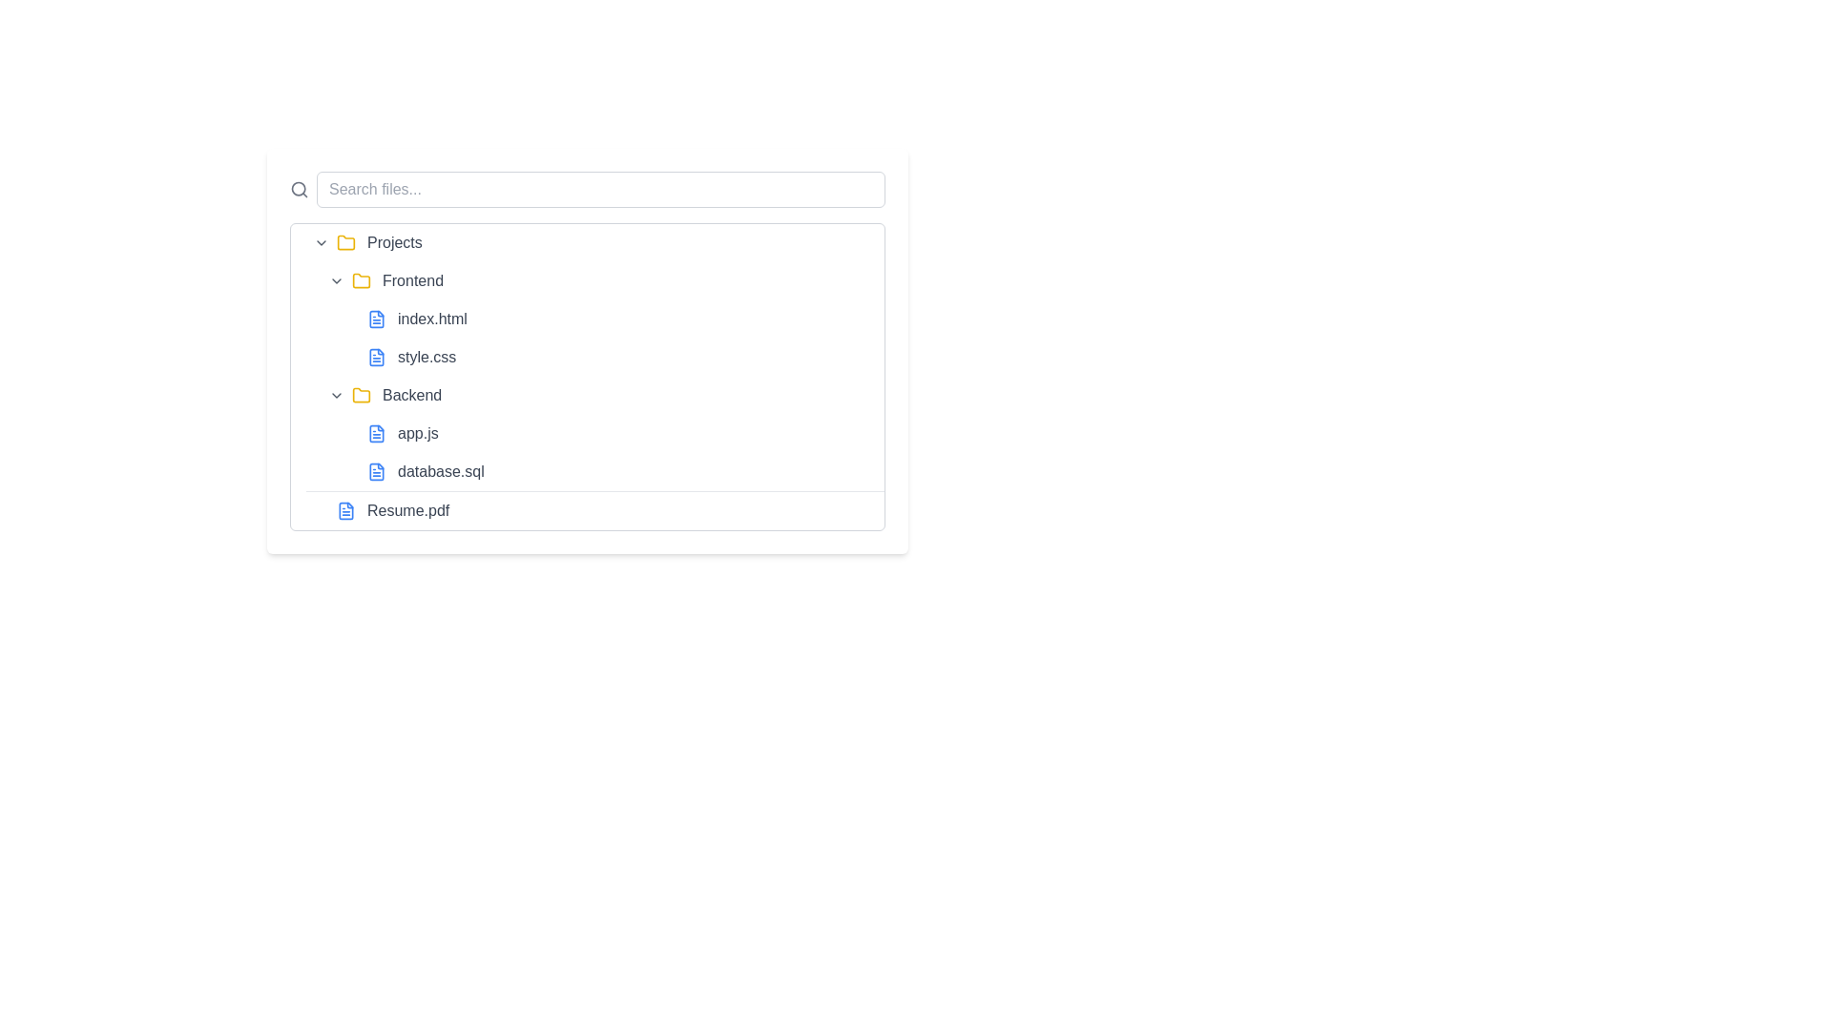  Describe the element at coordinates (430, 319) in the screenshot. I see `the text label 'index.html' located in the 'Frontend' folder` at that location.